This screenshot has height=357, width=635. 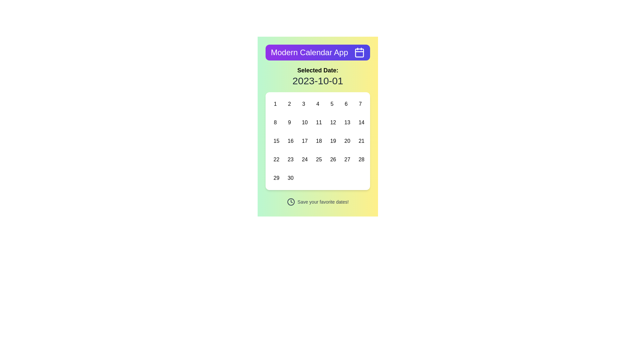 What do you see at coordinates (332, 159) in the screenshot?
I see `the rectangular button labeled '26' in the calendar interface` at bounding box center [332, 159].